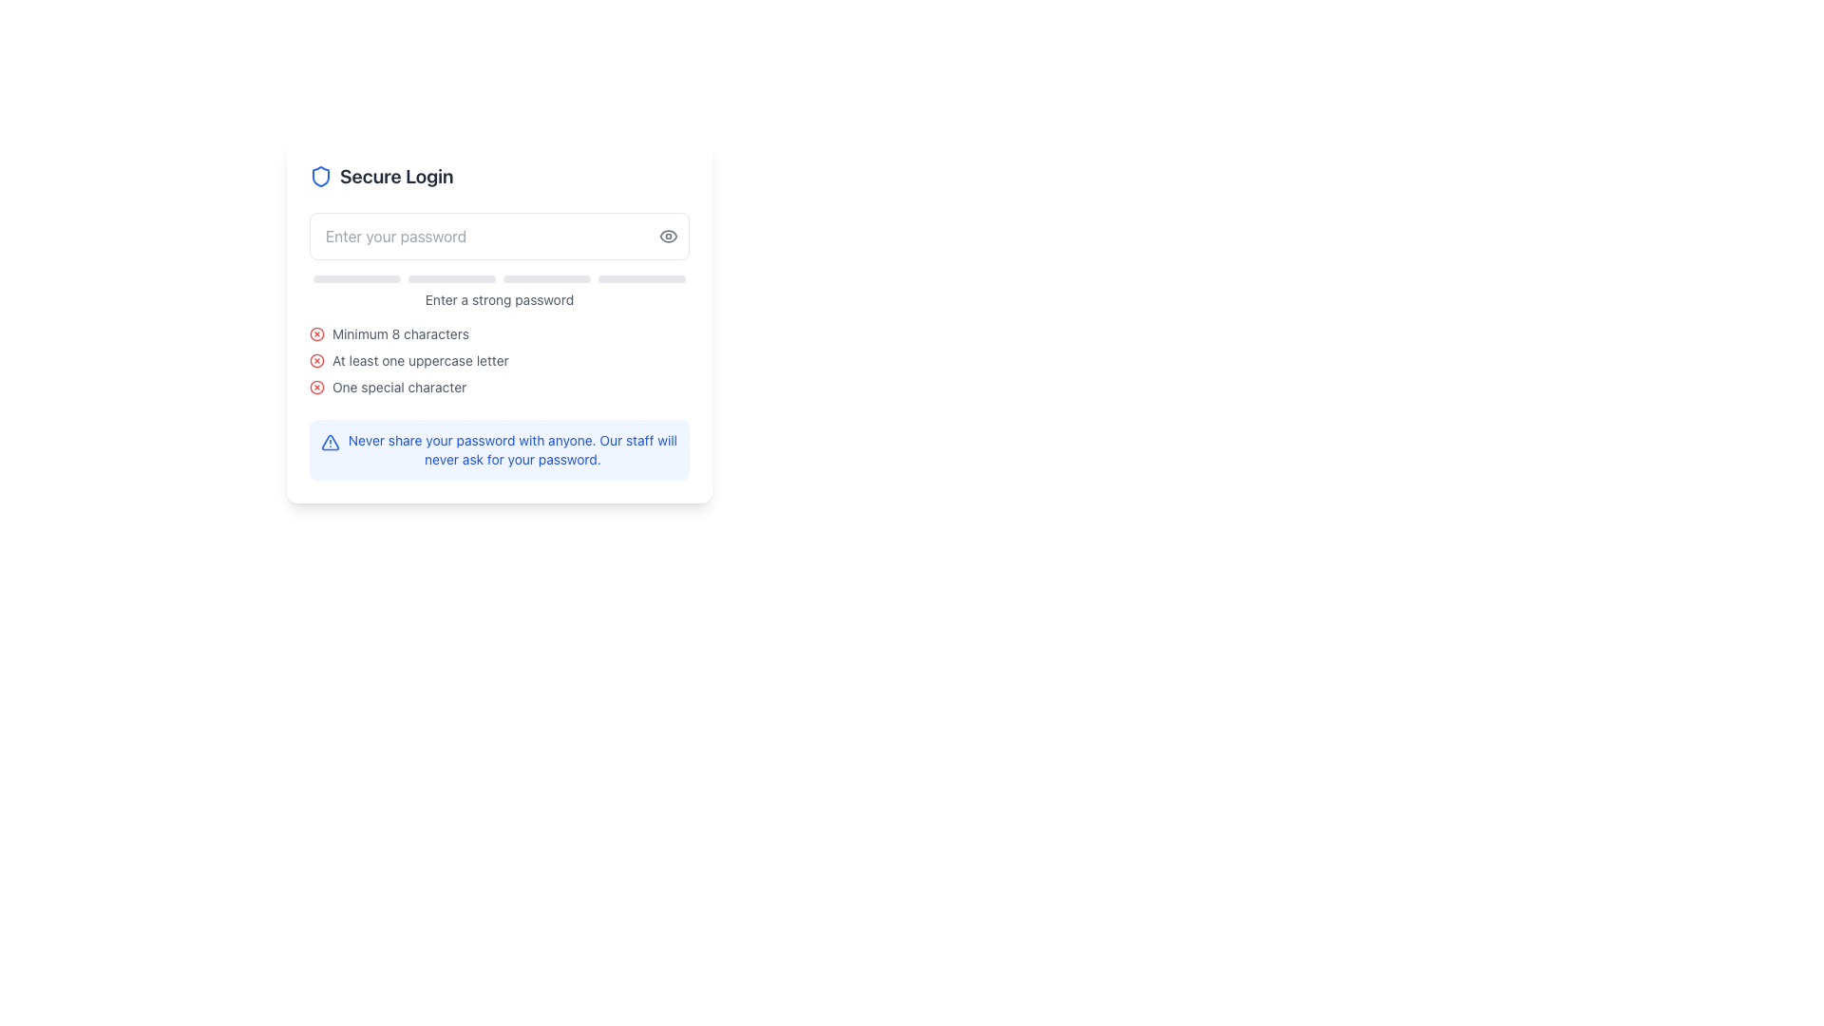  Describe the element at coordinates (330, 443) in the screenshot. I see `the triangular icon with a blue outline and white fill containing an exclamation mark, positioned next to the alert message 'Never share your password with anyone.'` at that location.